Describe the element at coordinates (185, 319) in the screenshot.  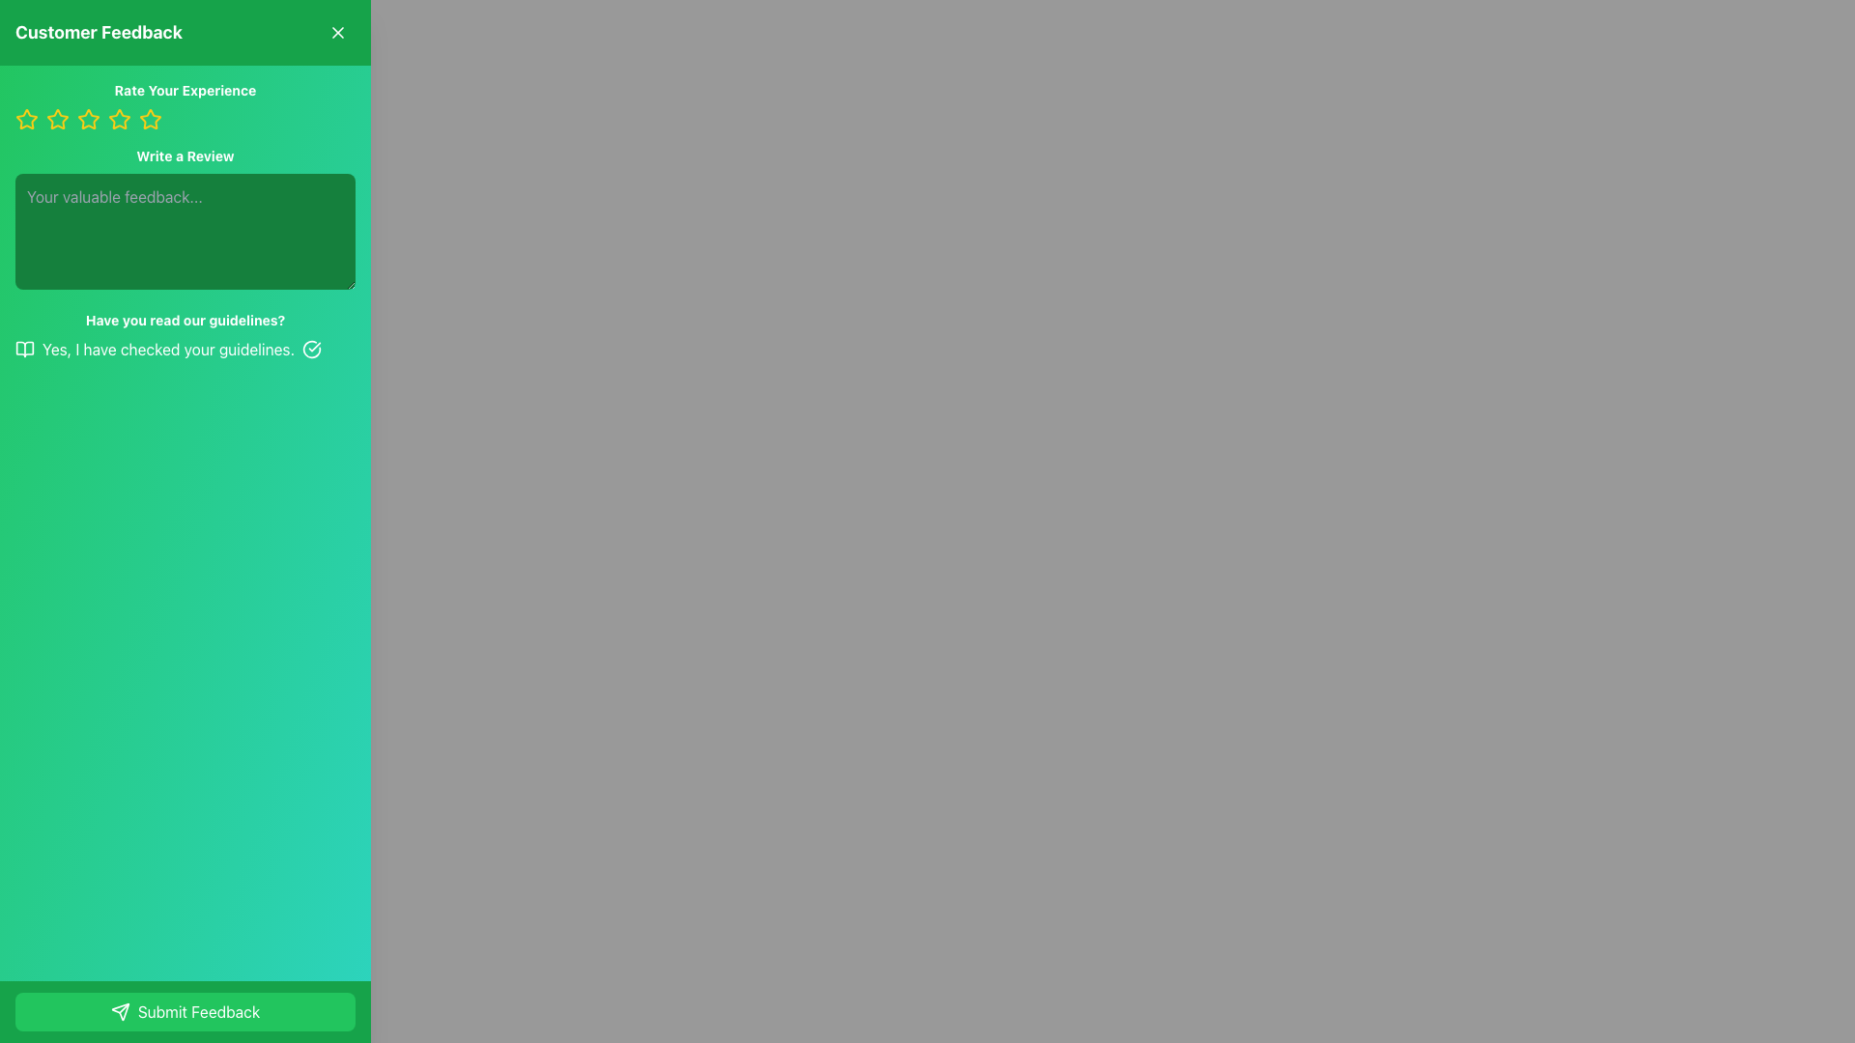
I see `the Text Label positioned beneath the 'Write a Review' input box, which prompts users to consider reviewing the provided guidelines` at that location.